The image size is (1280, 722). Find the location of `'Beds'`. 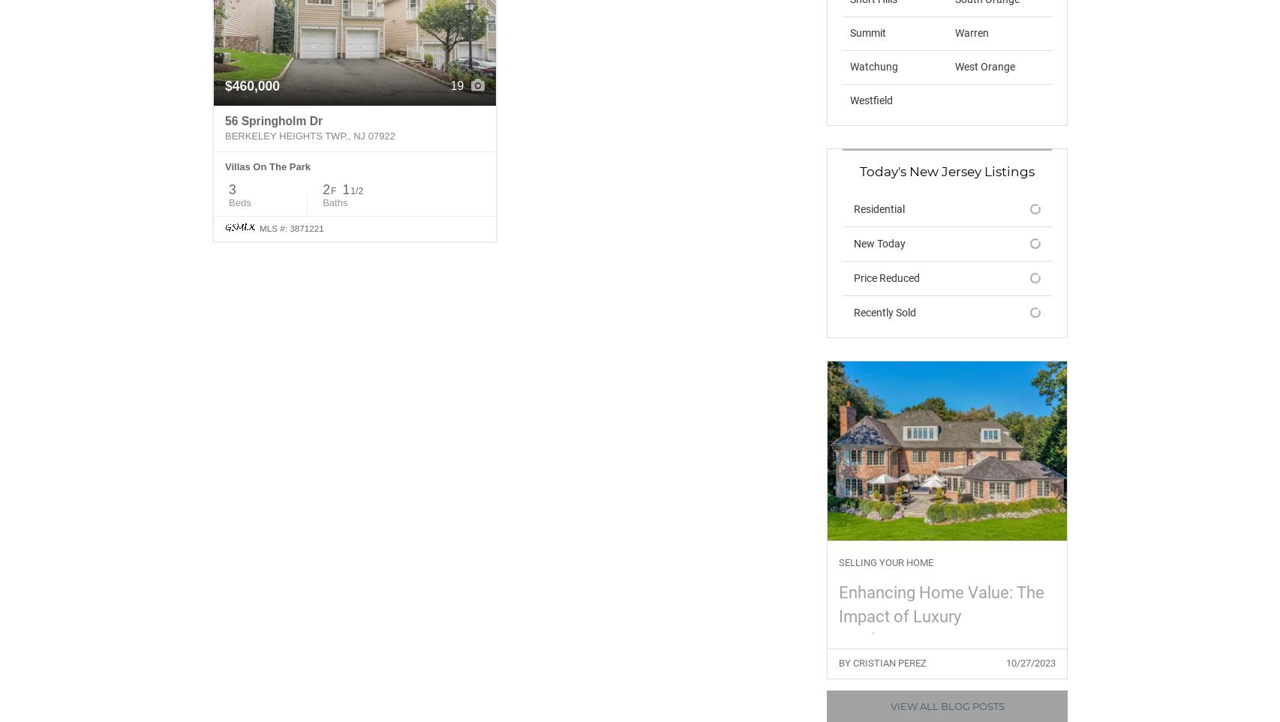

'Beds' is located at coordinates (229, 201).